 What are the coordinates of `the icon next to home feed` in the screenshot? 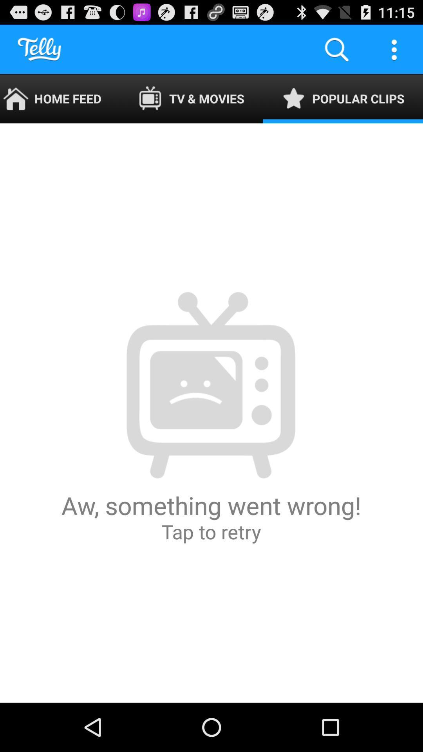 It's located at (191, 98).